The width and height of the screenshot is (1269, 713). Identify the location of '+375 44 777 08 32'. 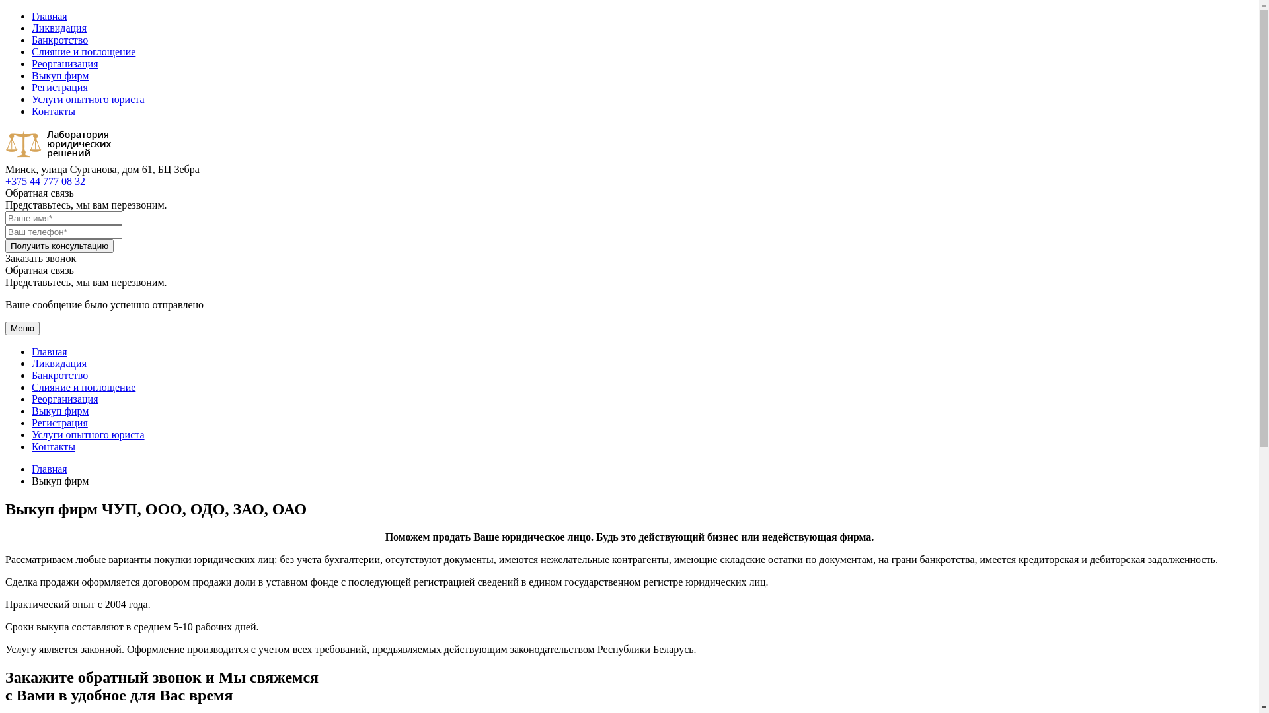
(5, 181).